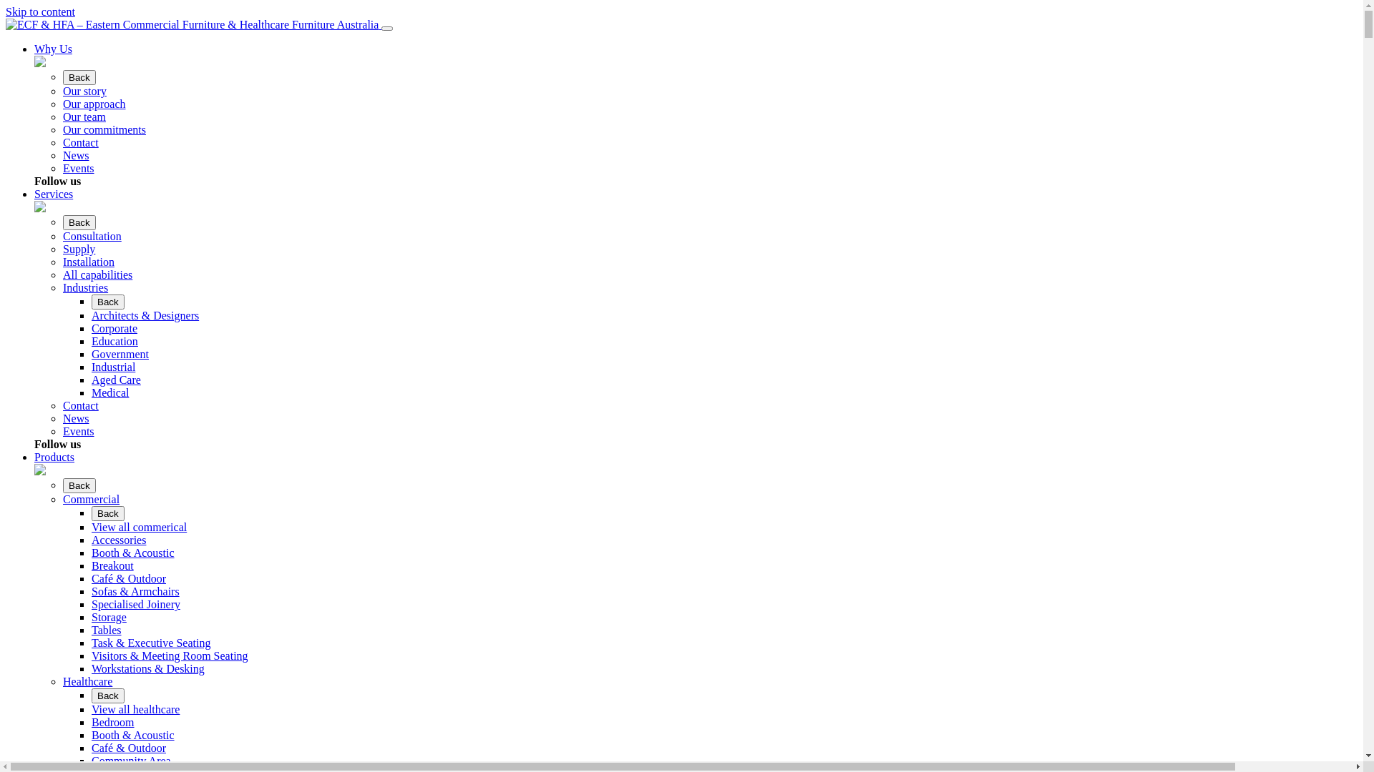  Describe the element at coordinates (87, 681) in the screenshot. I see `'Healthcare'` at that location.